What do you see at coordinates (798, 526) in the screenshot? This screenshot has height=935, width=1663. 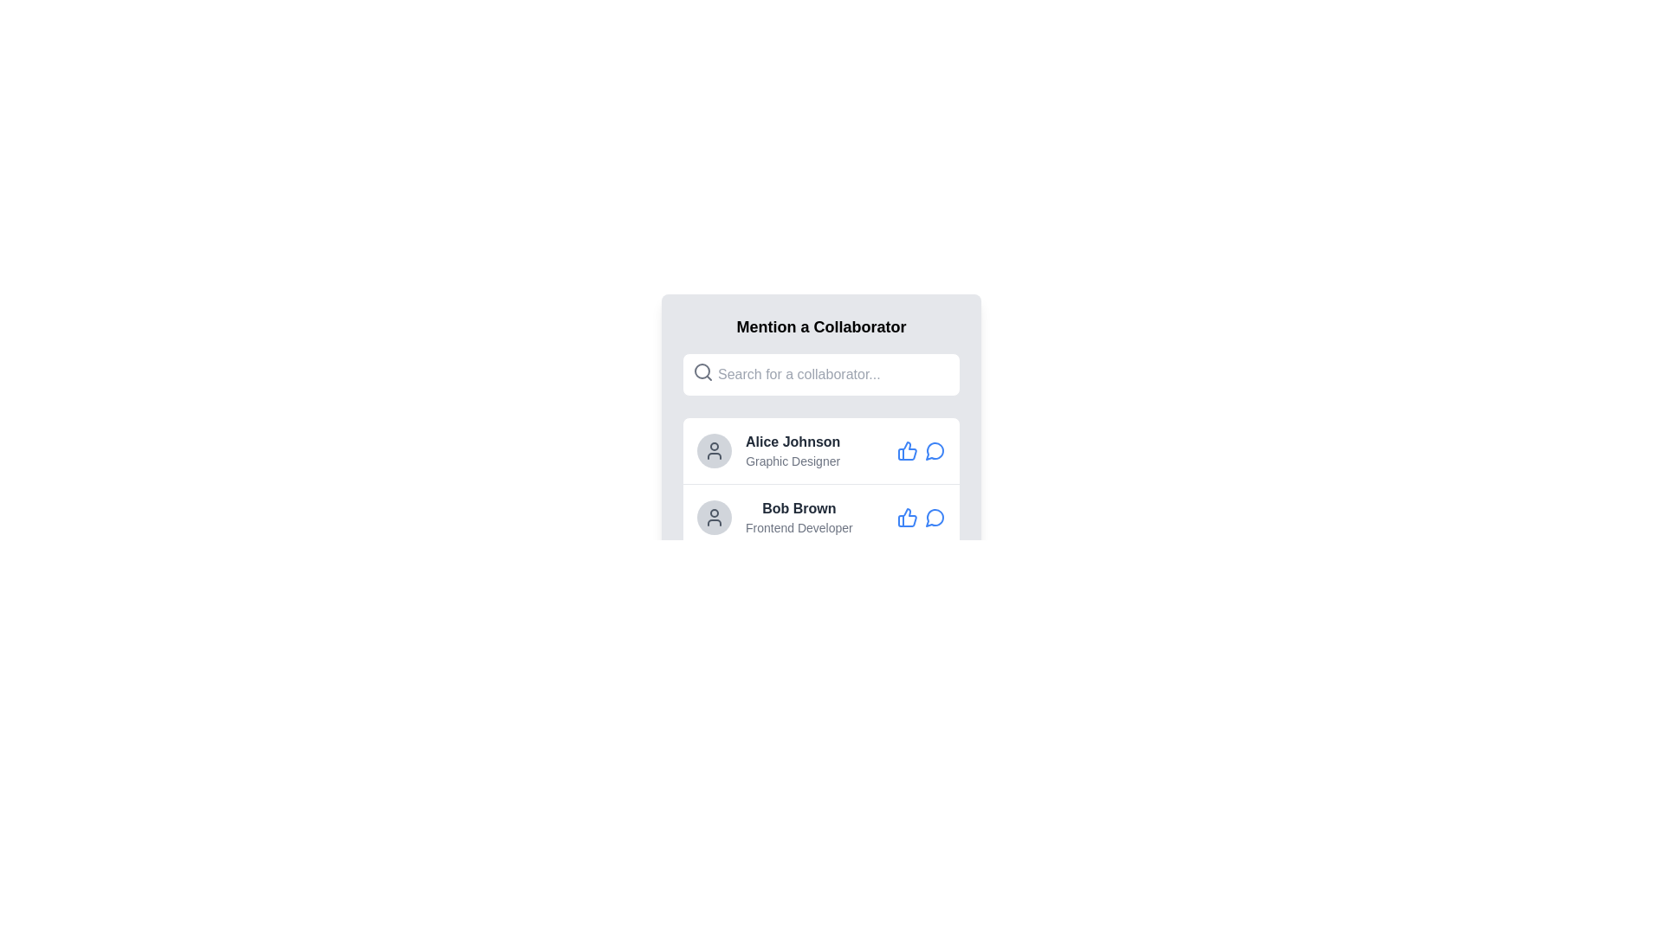 I see `the label indicating the professional role or title of 'Bob Brown', which is the second line of text within his profile entry` at bounding box center [798, 526].